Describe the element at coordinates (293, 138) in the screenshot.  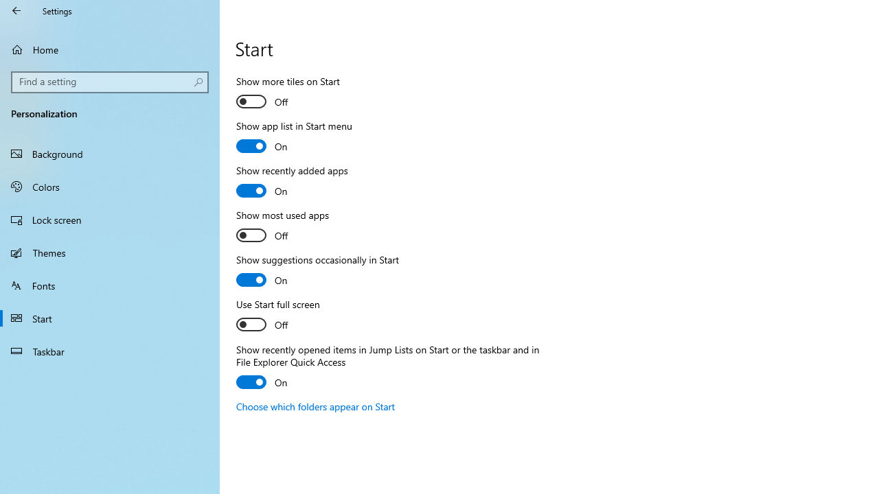
I see `'Show app list in Start menu'` at that location.